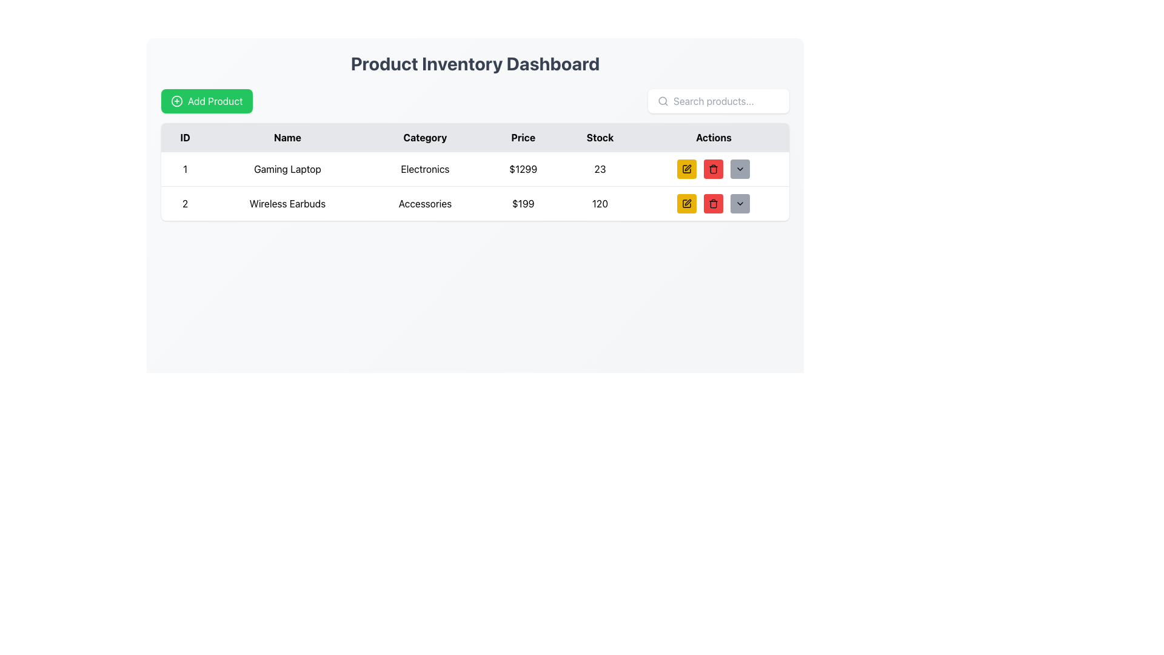 Image resolution: width=1164 pixels, height=655 pixels. Describe the element at coordinates (714, 203) in the screenshot. I see `the trash bin icon button located` at that location.